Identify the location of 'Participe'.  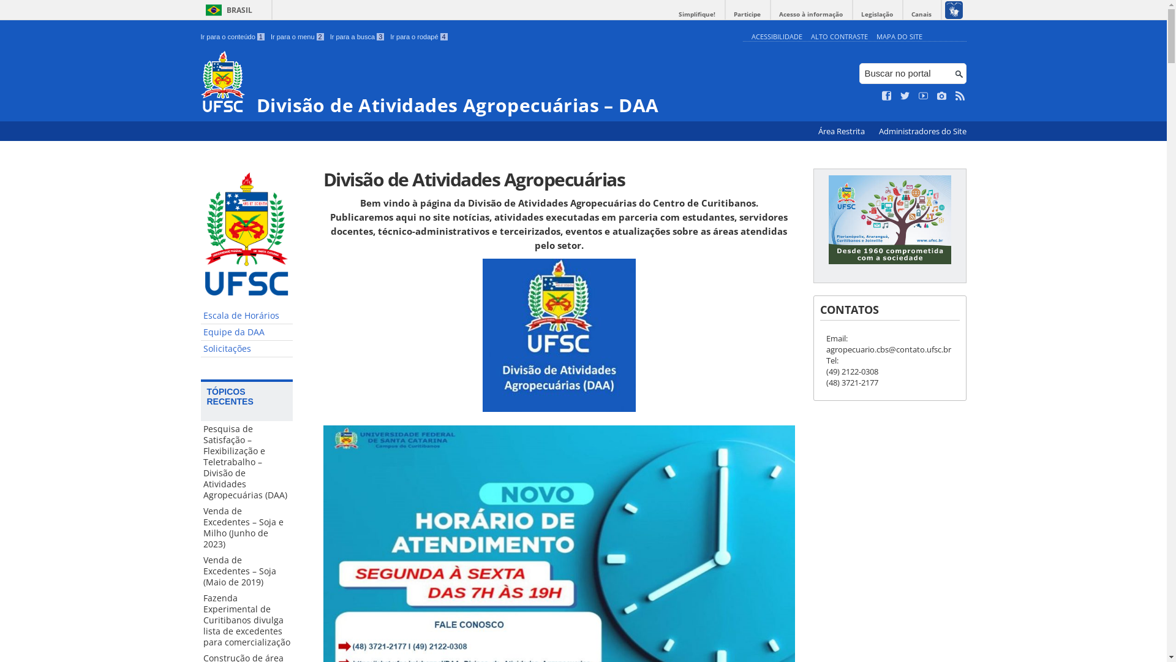
(746, 14).